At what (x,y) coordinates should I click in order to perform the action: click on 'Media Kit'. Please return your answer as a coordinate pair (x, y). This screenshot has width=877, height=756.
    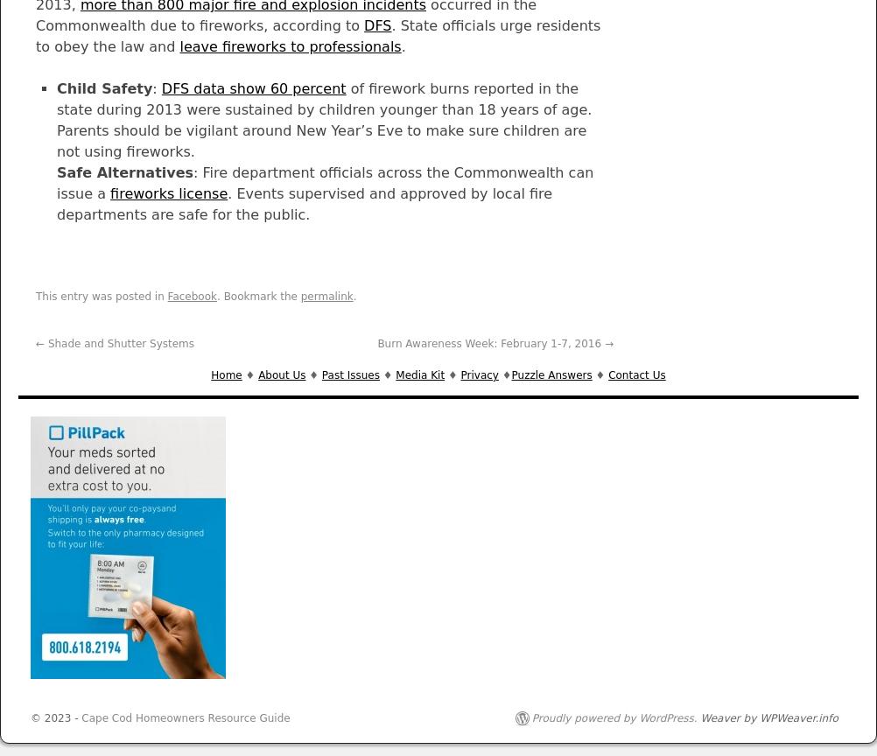
    Looking at the image, I should click on (418, 374).